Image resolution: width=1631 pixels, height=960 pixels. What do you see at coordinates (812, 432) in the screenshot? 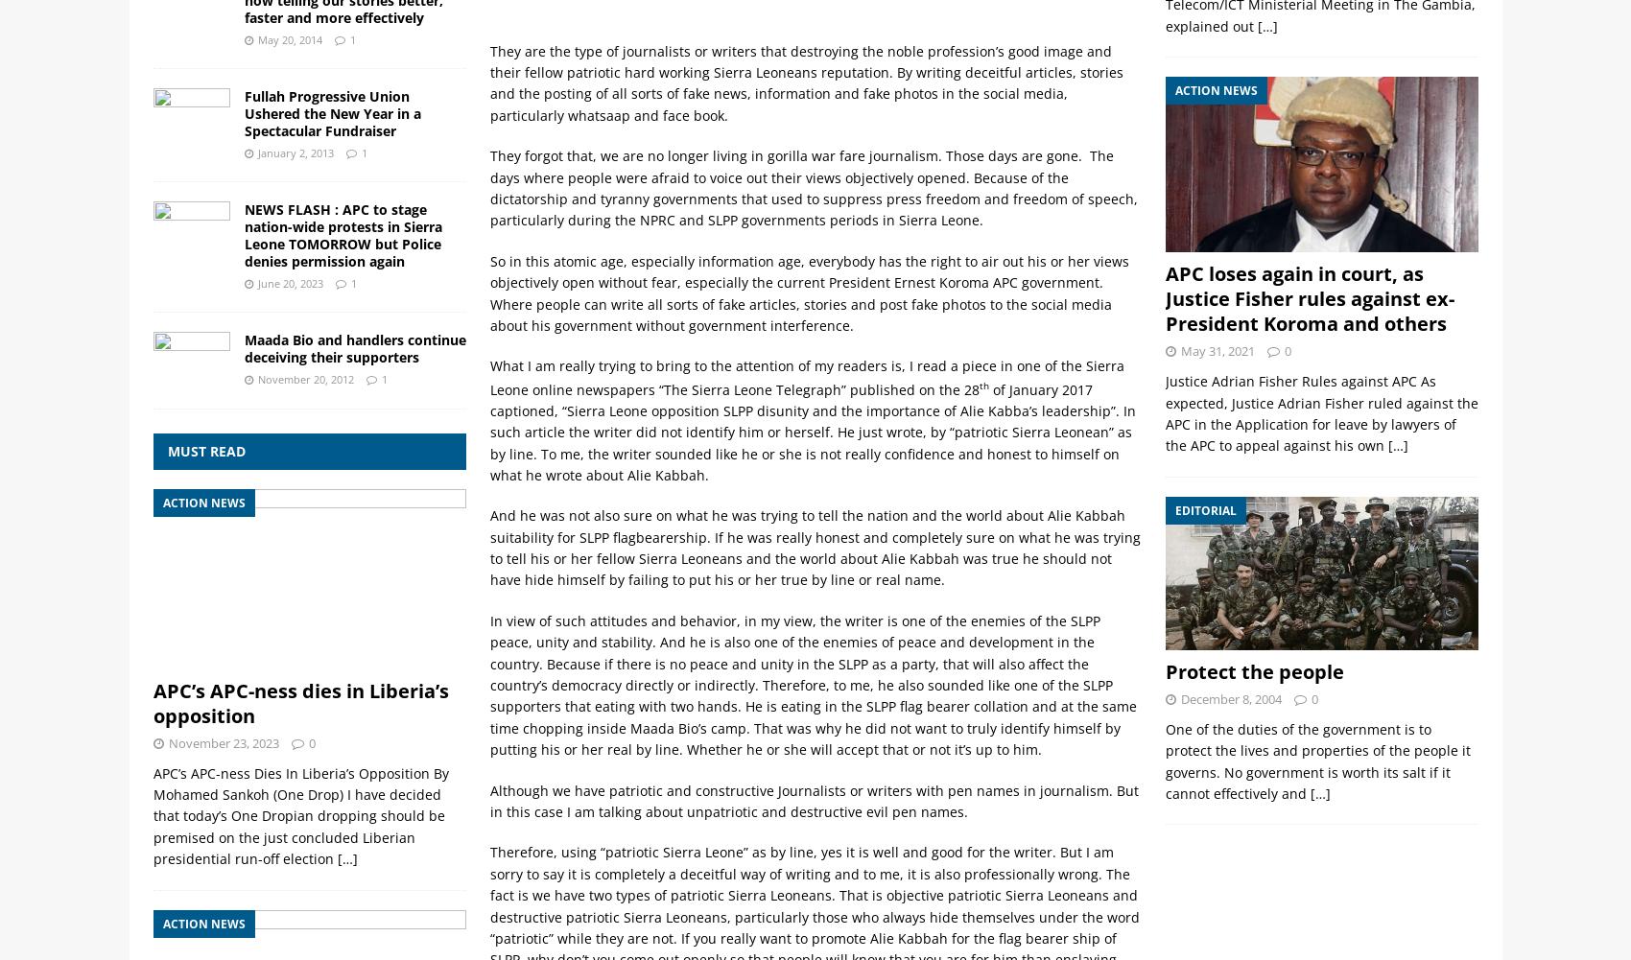
I see `'of January 2017 captioned, “Sierra Leone opposition SLPP disunity and the importance of Alie Kabba’s leadership”. In such article the writer did not identify him or herself. He just wrote, by “patriotic Sierra Leonean” as by line. To me, the writer sounded like he or she is not really confidence and honest to himself on what he wrote about Alie Kabbah.'` at bounding box center [812, 432].